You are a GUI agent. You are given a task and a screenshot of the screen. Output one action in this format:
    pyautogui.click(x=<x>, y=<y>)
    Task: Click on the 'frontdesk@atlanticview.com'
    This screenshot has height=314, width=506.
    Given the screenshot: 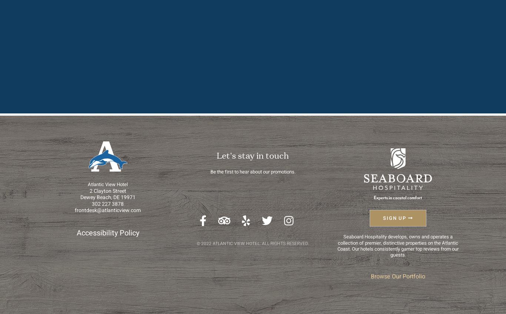 What is the action you would take?
    pyautogui.click(x=107, y=210)
    